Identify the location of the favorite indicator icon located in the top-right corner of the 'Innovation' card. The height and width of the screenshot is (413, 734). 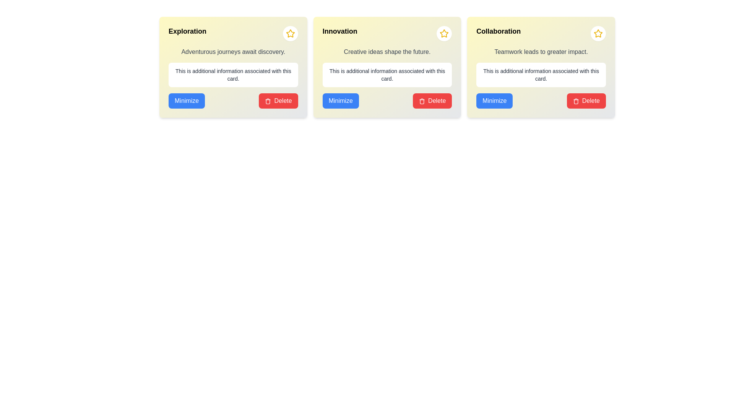
(290, 33).